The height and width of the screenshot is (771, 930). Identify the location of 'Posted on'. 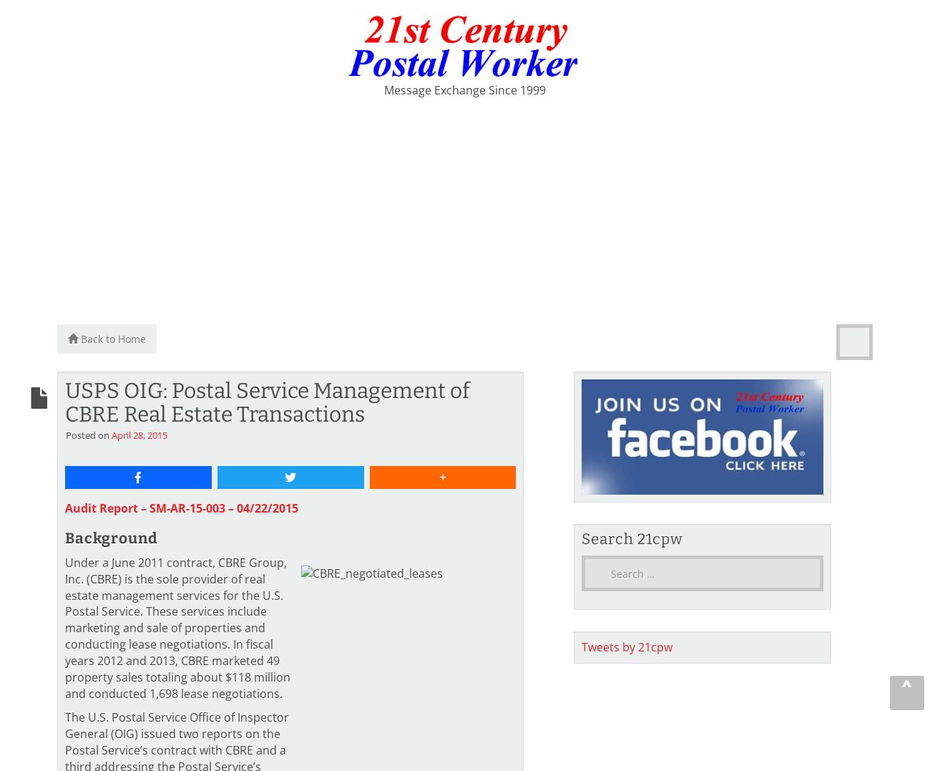
(88, 433).